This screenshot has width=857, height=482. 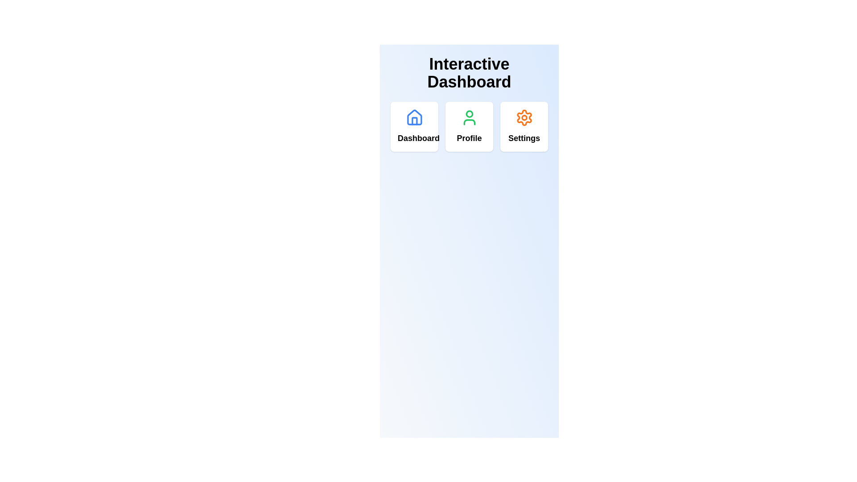 What do you see at coordinates (524, 127) in the screenshot?
I see `the settings card, which is the third card in the grid layout` at bounding box center [524, 127].